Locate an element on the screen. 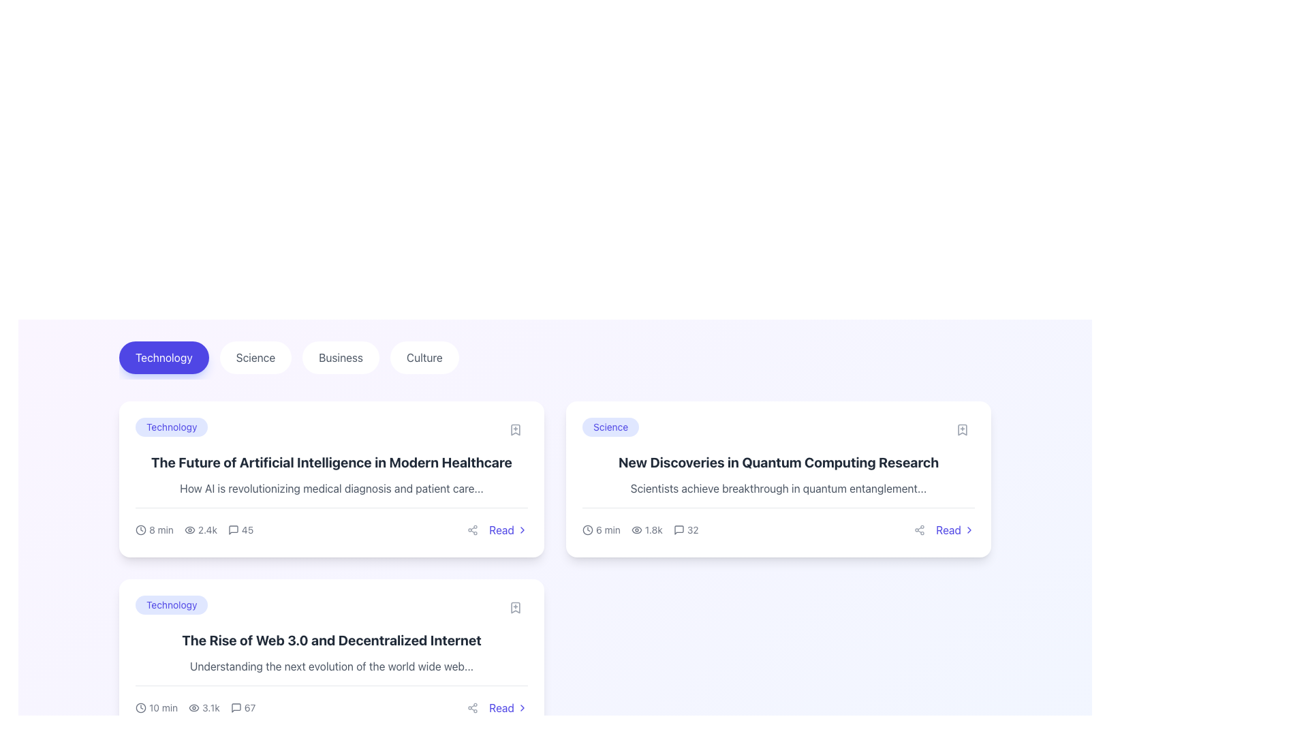  the timestamp indicator, which features a clock icon followed by the text '10 min', located at the bottom-left corner of the card titled 'The Rise of Web 3.0 and Decentralized Internet' is located at coordinates (157, 707).